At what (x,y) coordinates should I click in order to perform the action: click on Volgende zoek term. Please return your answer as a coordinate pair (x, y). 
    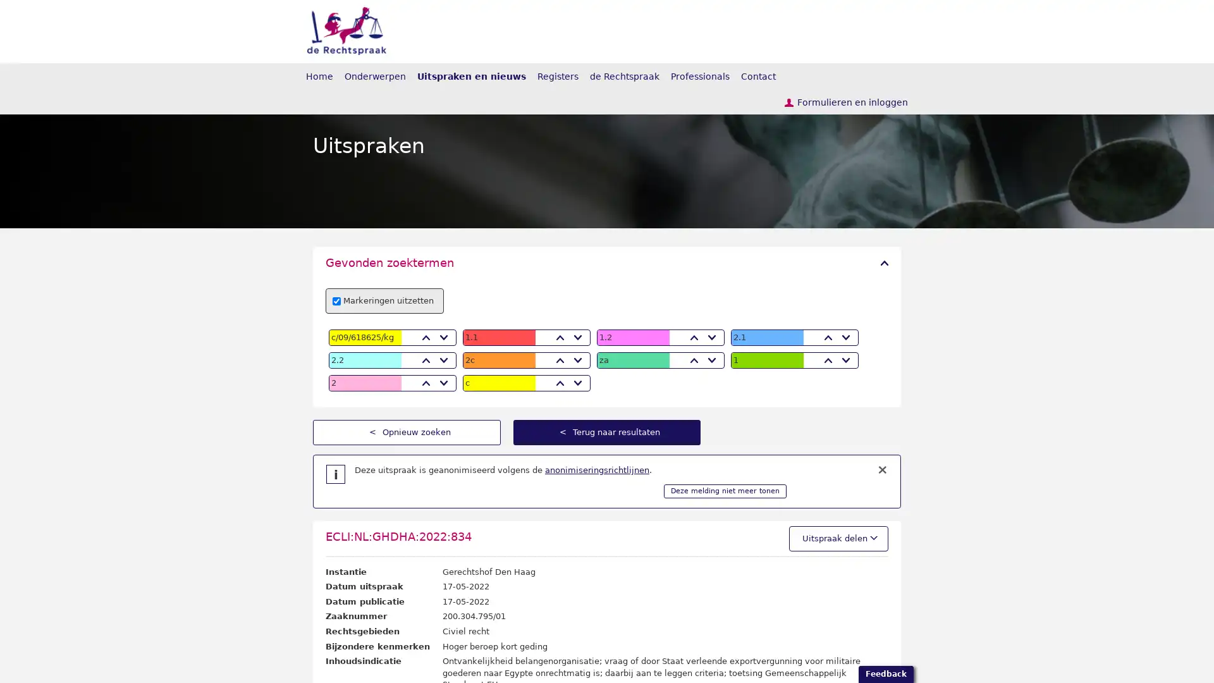
    Looking at the image, I should click on (712, 336).